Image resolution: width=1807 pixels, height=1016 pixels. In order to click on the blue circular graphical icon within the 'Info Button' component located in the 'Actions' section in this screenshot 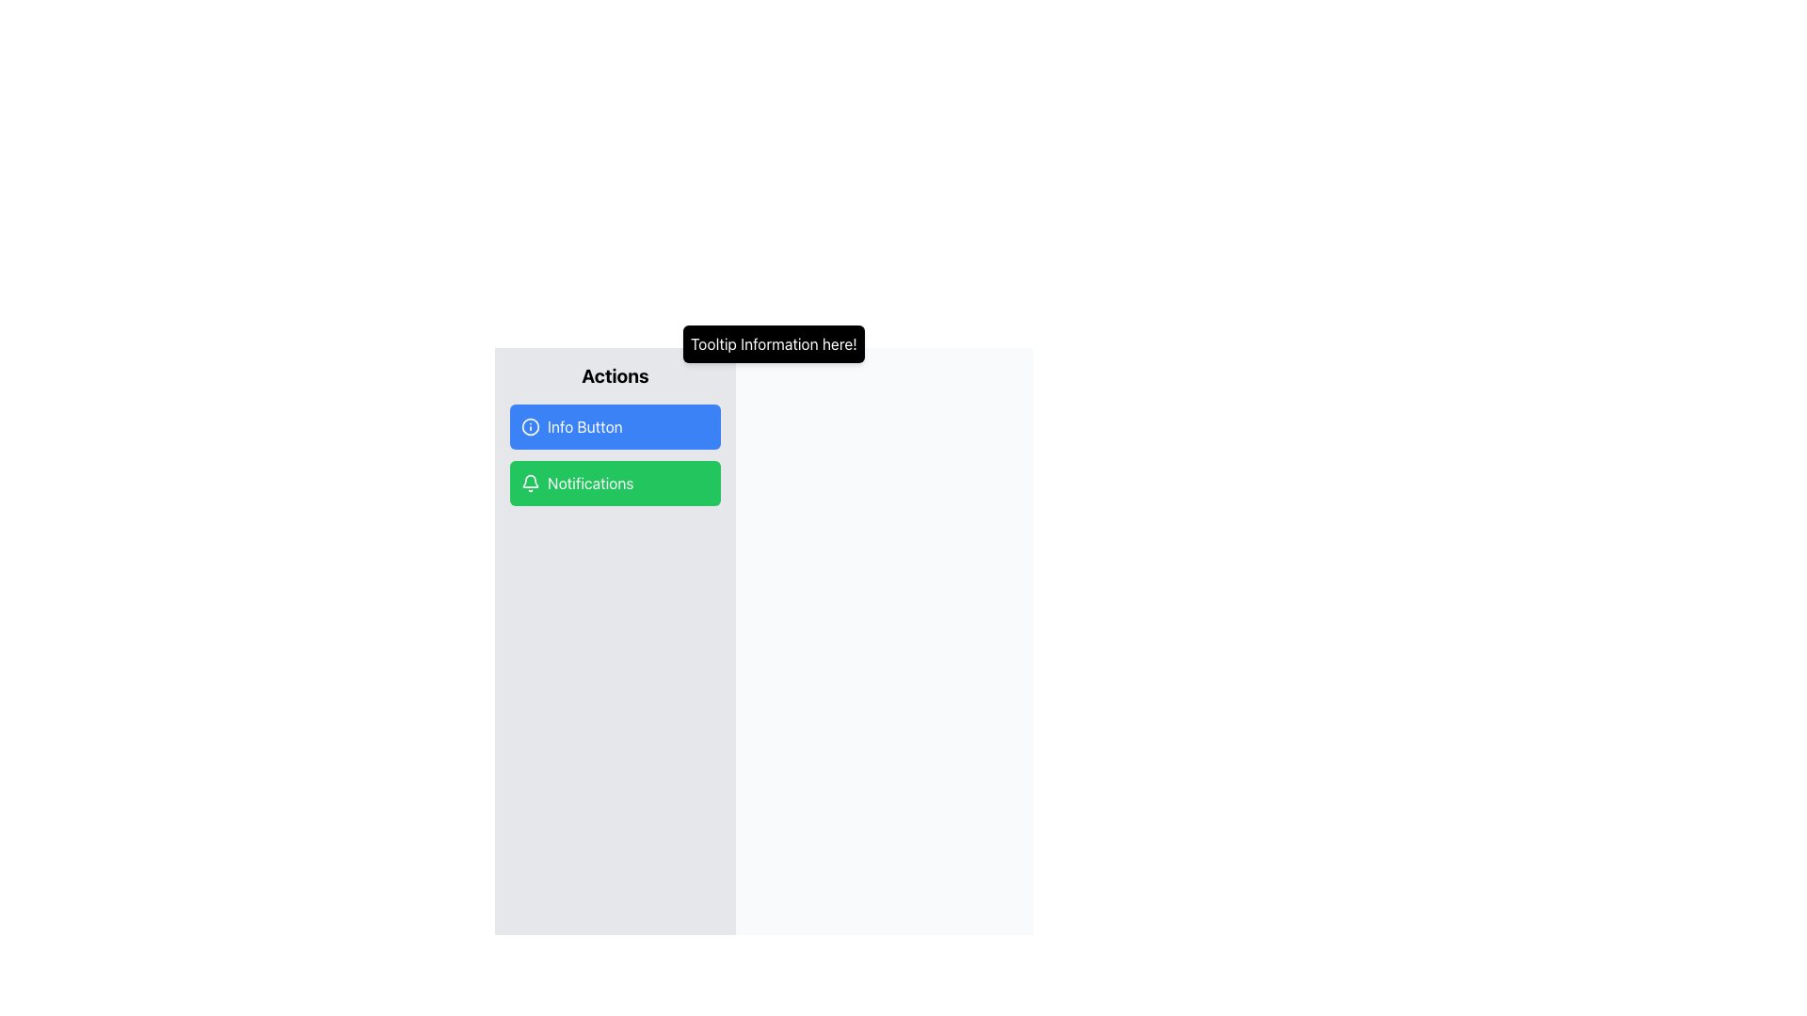, I will do `click(530, 427)`.